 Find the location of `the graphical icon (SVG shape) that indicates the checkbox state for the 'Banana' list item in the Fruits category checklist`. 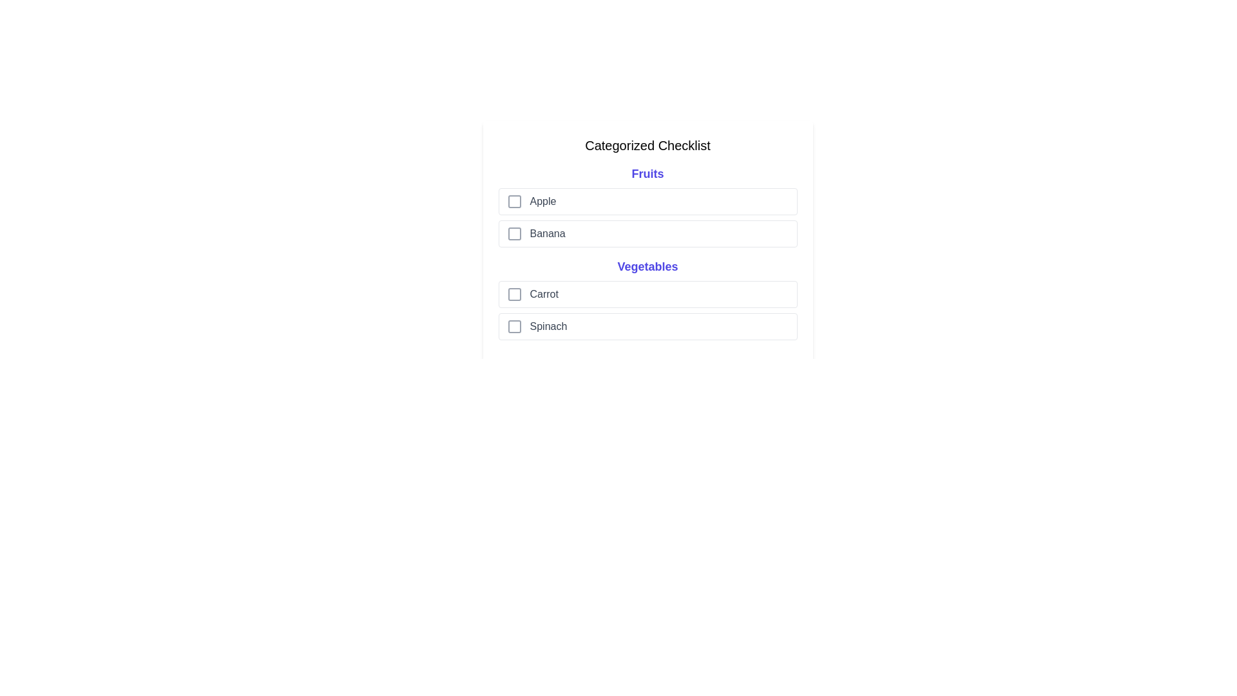

the graphical icon (SVG shape) that indicates the checkbox state for the 'Banana' list item in the Fruits category checklist is located at coordinates (513, 233).